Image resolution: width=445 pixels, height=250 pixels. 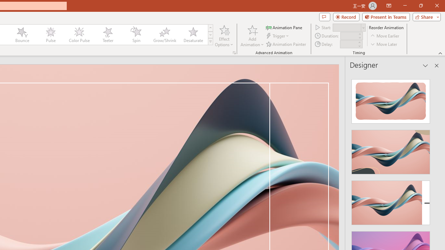 What do you see at coordinates (136, 35) in the screenshot?
I see `'Spin'` at bounding box center [136, 35].